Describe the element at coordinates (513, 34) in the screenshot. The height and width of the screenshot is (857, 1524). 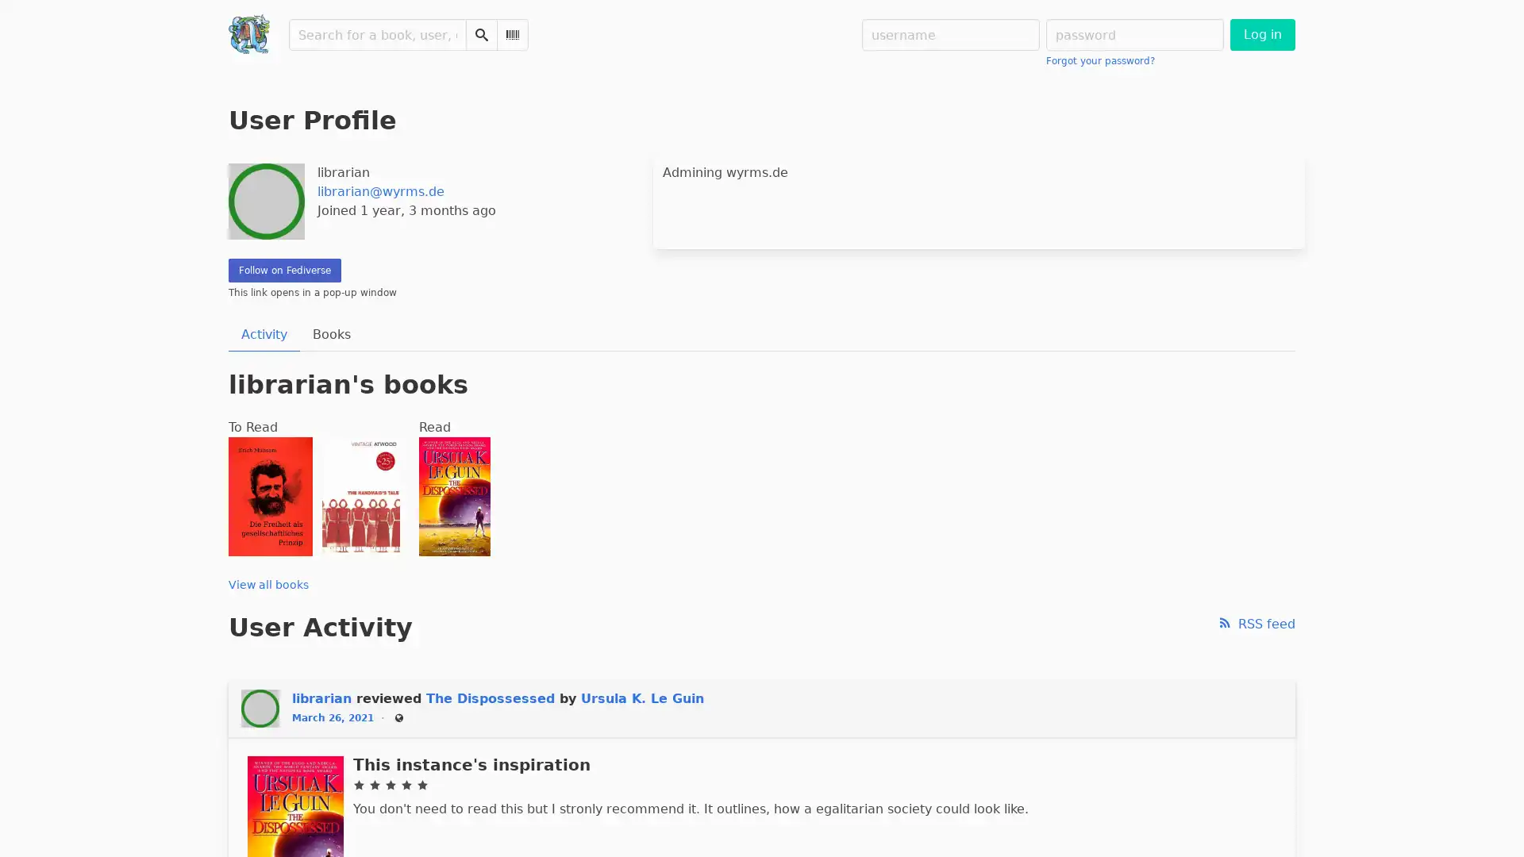
I see `Scan Barcode` at that location.